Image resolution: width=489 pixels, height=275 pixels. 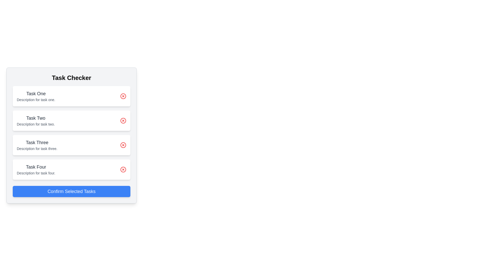 What do you see at coordinates (37, 145) in the screenshot?
I see `the 'Task Three' text display block, which shows the title 'Task Three' and description 'Description for task three.'` at bounding box center [37, 145].